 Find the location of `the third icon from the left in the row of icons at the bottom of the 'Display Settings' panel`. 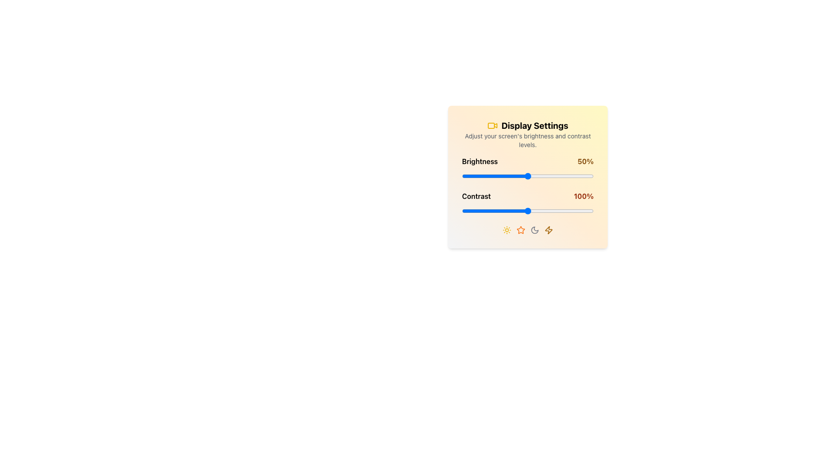

the third icon from the left in the row of icons at the bottom of the 'Display Settings' panel is located at coordinates (521, 229).